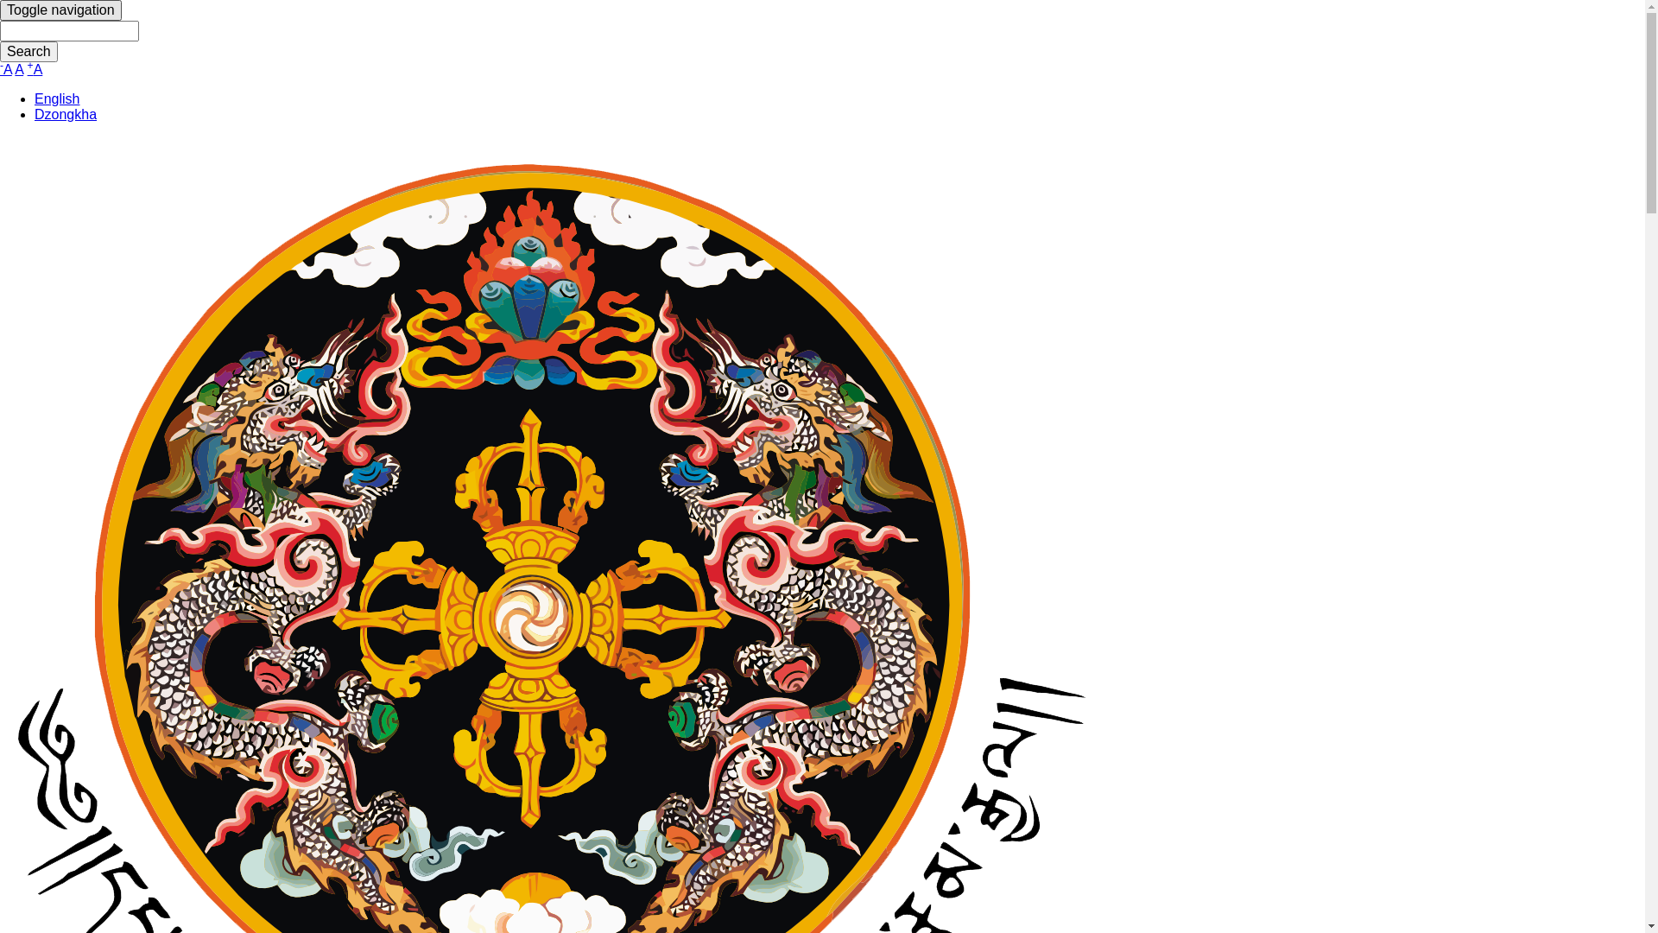 Image resolution: width=1658 pixels, height=933 pixels. I want to click on 'English', so click(57, 98).